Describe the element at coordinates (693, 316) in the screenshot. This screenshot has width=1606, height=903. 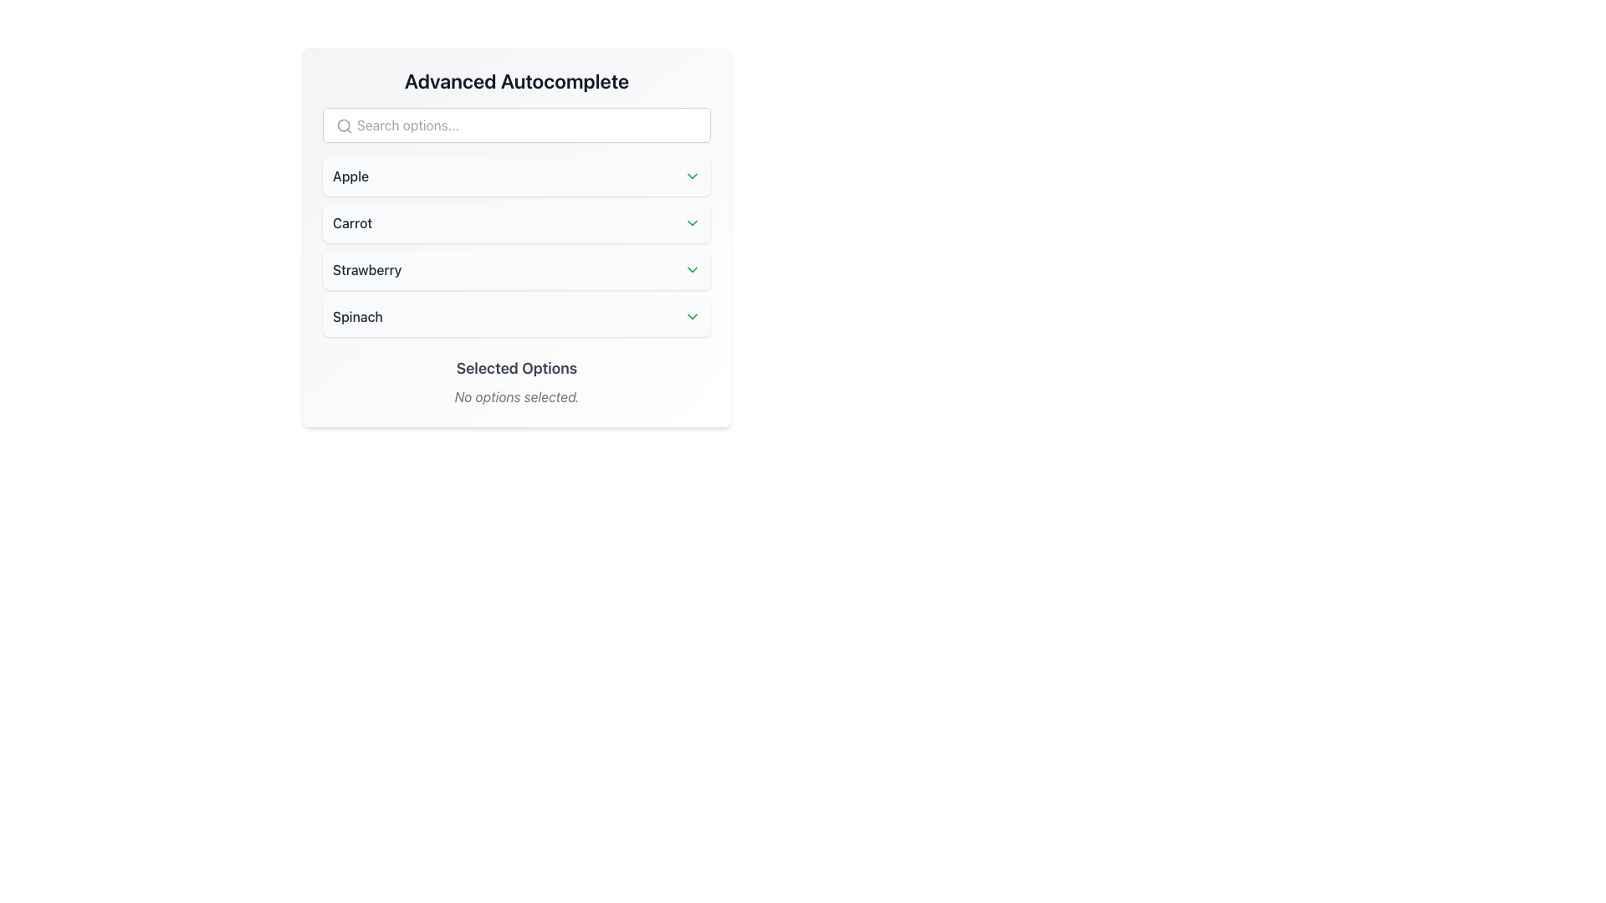
I see `the toggle icon for expanding or collapsing additional content related to the 'Spinach' list item, which is positioned to the far right of the list item` at that location.